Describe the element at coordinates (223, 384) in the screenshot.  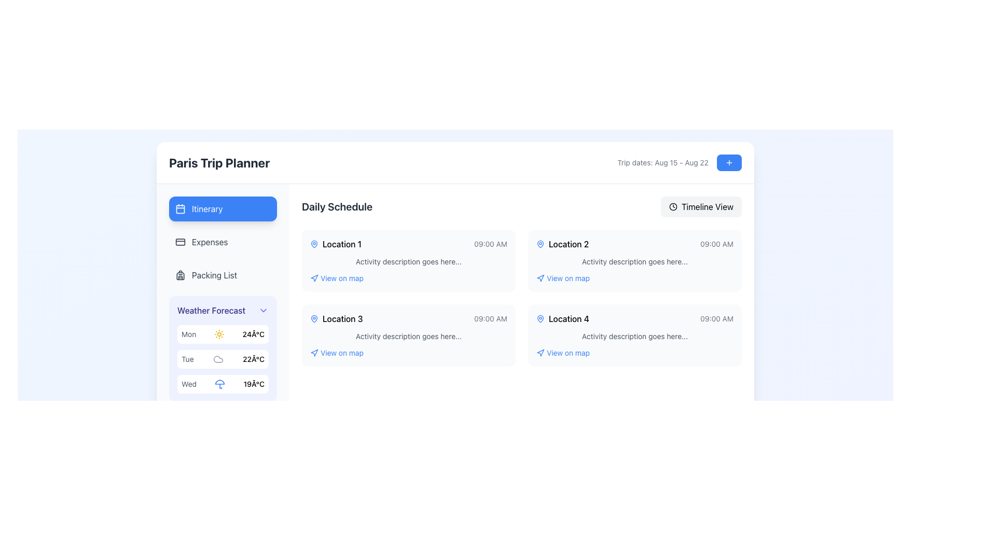
I see `the weather display card for Wednesday` at that location.